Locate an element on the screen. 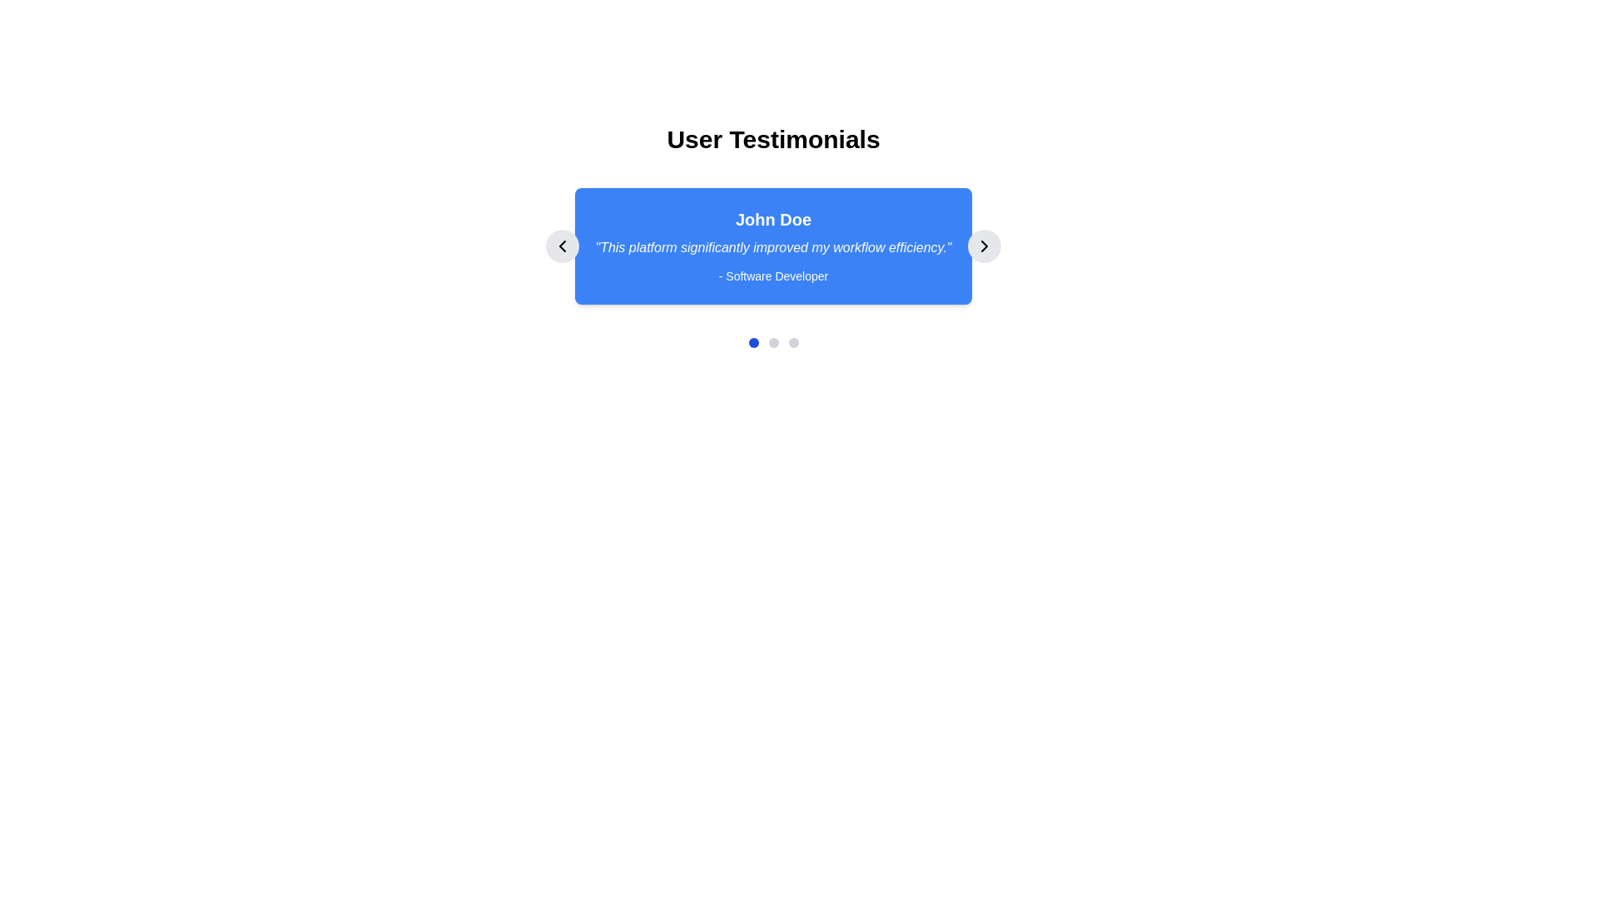  the chevron icon located inside a circular button on the right side of the blue testimonial box is located at coordinates (984, 246).